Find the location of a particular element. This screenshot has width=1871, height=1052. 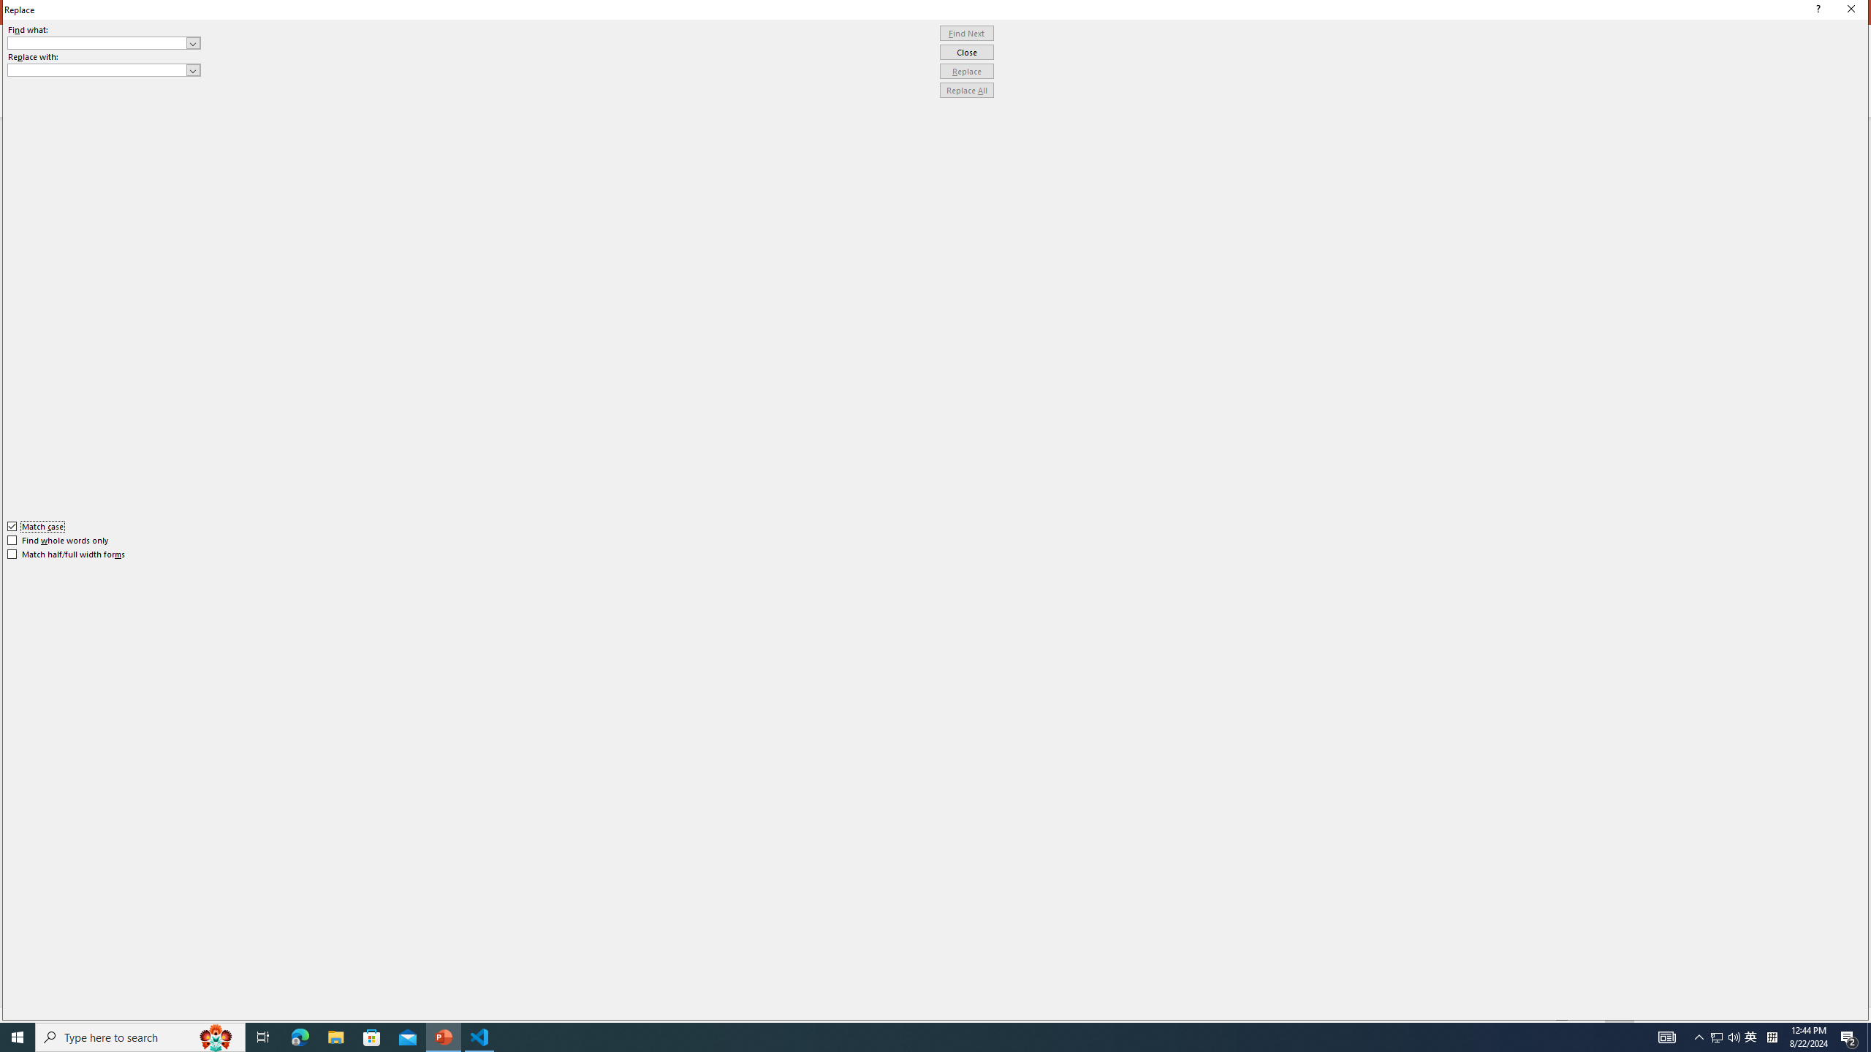

'Find what' is located at coordinates (97, 42).